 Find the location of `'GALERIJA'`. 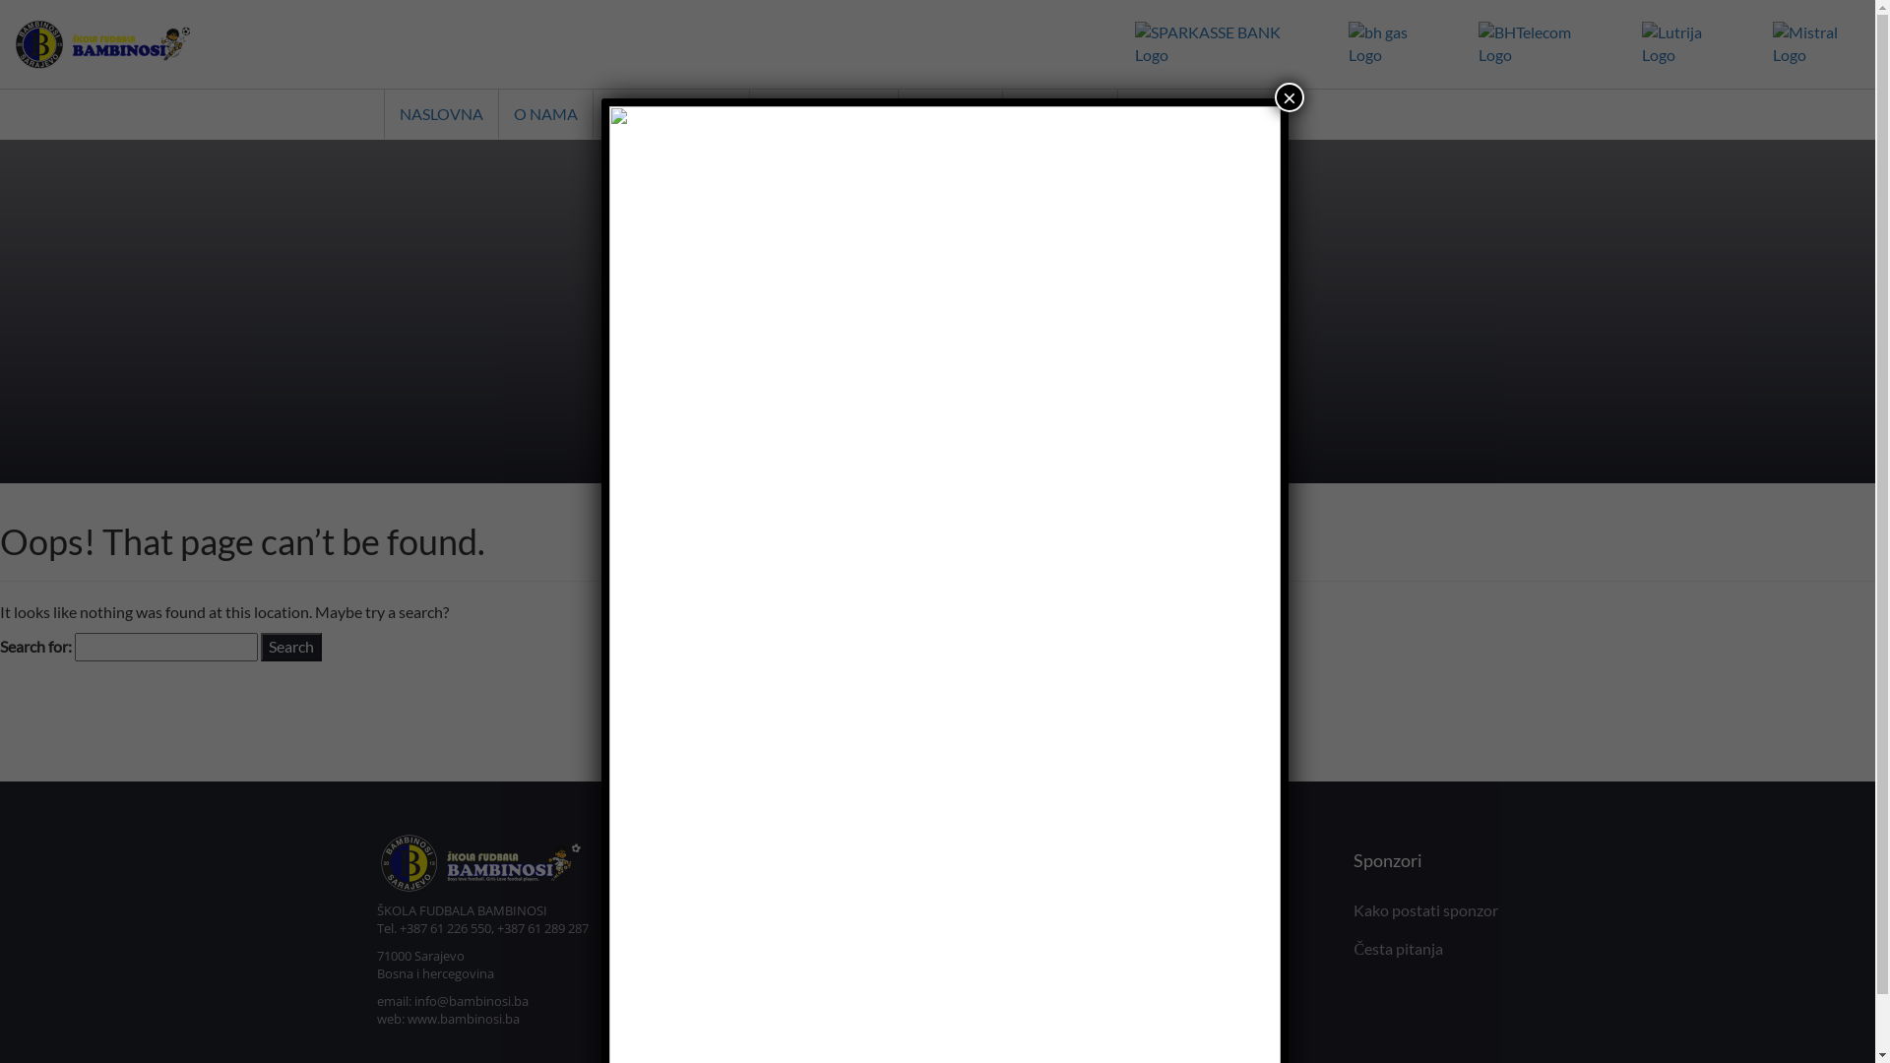

'GALERIJA' is located at coordinates (1058, 113).